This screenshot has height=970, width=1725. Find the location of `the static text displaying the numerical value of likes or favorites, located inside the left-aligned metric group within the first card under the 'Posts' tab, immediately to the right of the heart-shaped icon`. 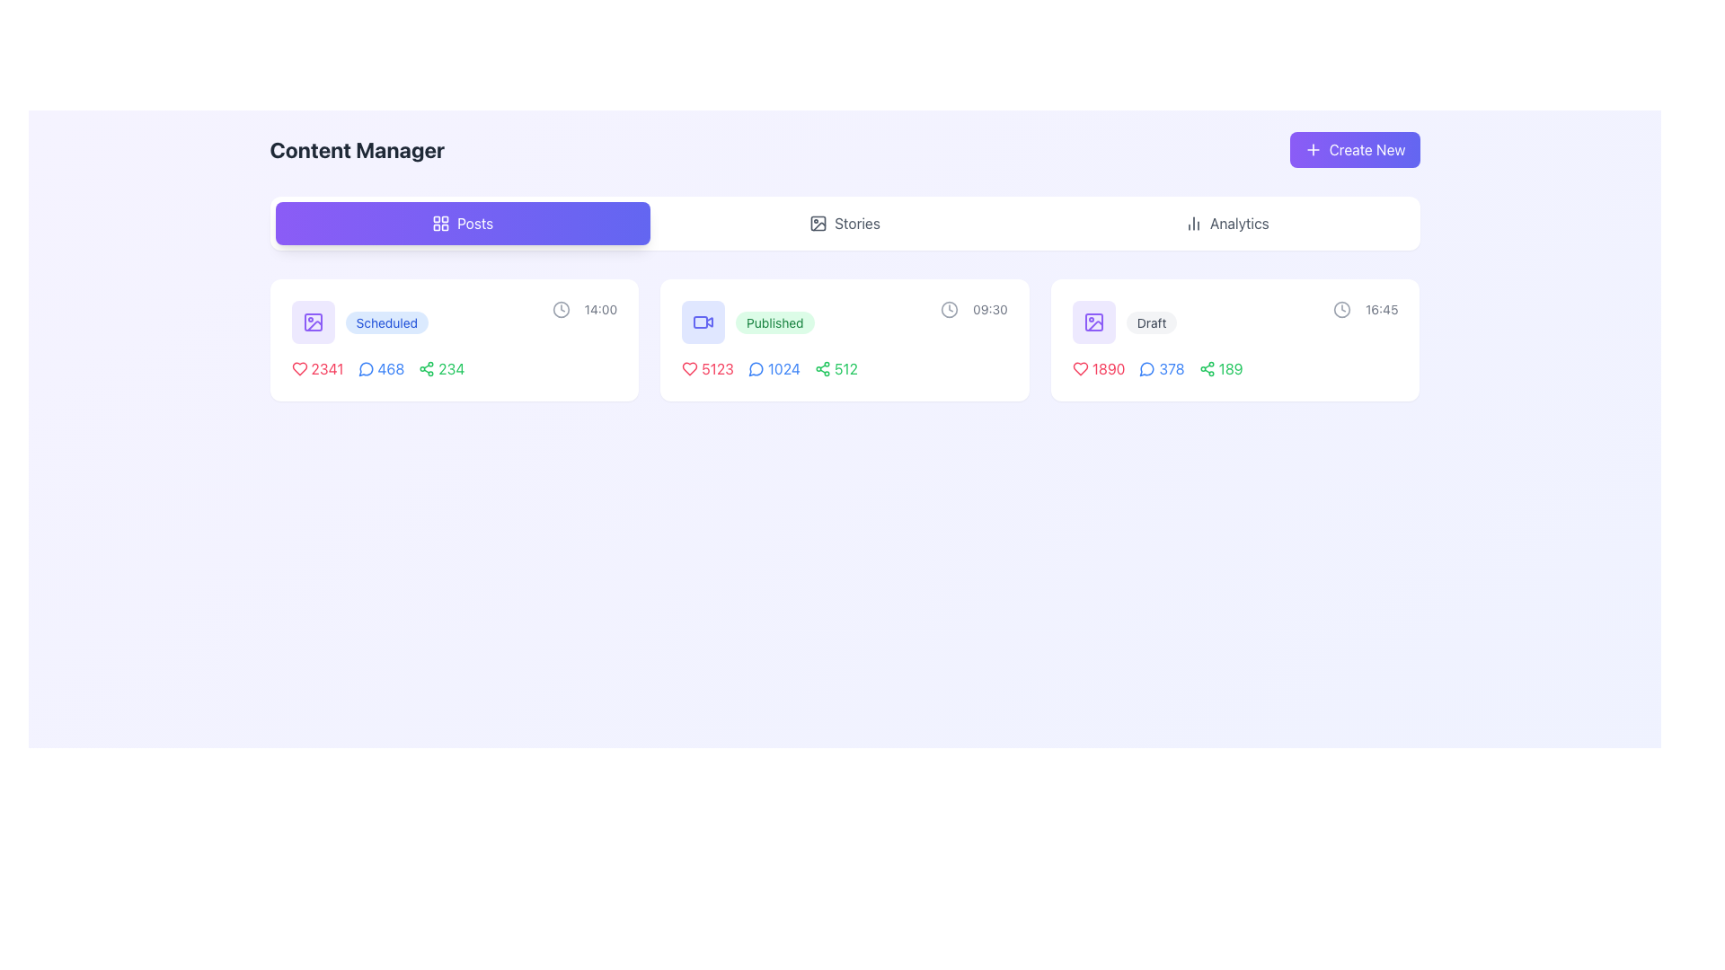

the static text displaying the numerical value of likes or favorites, located inside the left-aligned metric group within the first card under the 'Posts' tab, immediately to the right of the heart-shaped icon is located at coordinates (327, 368).